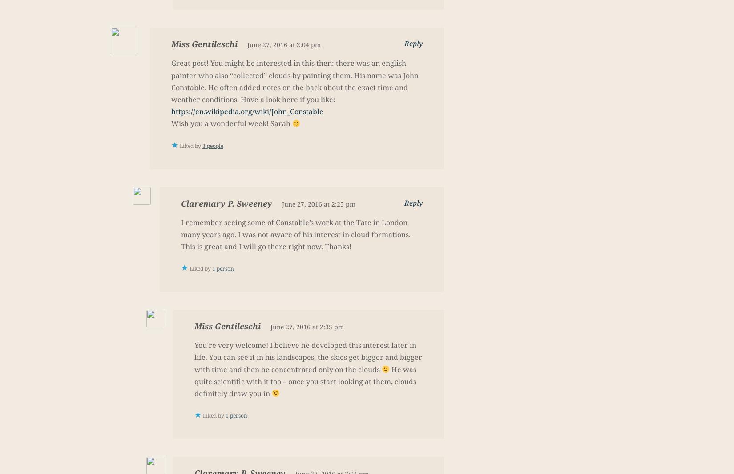  Describe the element at coordinates (231, 123) in the screenshot. I see `'Wish you a wonderful week! Sarah'` at that location.